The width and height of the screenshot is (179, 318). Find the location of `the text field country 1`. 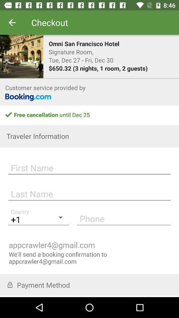

the text field country 1 is located at coordinates (39, 218).